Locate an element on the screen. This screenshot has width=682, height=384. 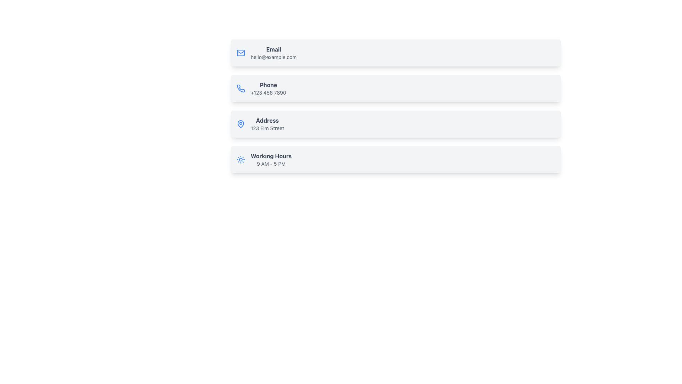
the email-related icon located at the top-left corner of the Email section, to the left of the 'Email' label is located at coordinates (240, 53).